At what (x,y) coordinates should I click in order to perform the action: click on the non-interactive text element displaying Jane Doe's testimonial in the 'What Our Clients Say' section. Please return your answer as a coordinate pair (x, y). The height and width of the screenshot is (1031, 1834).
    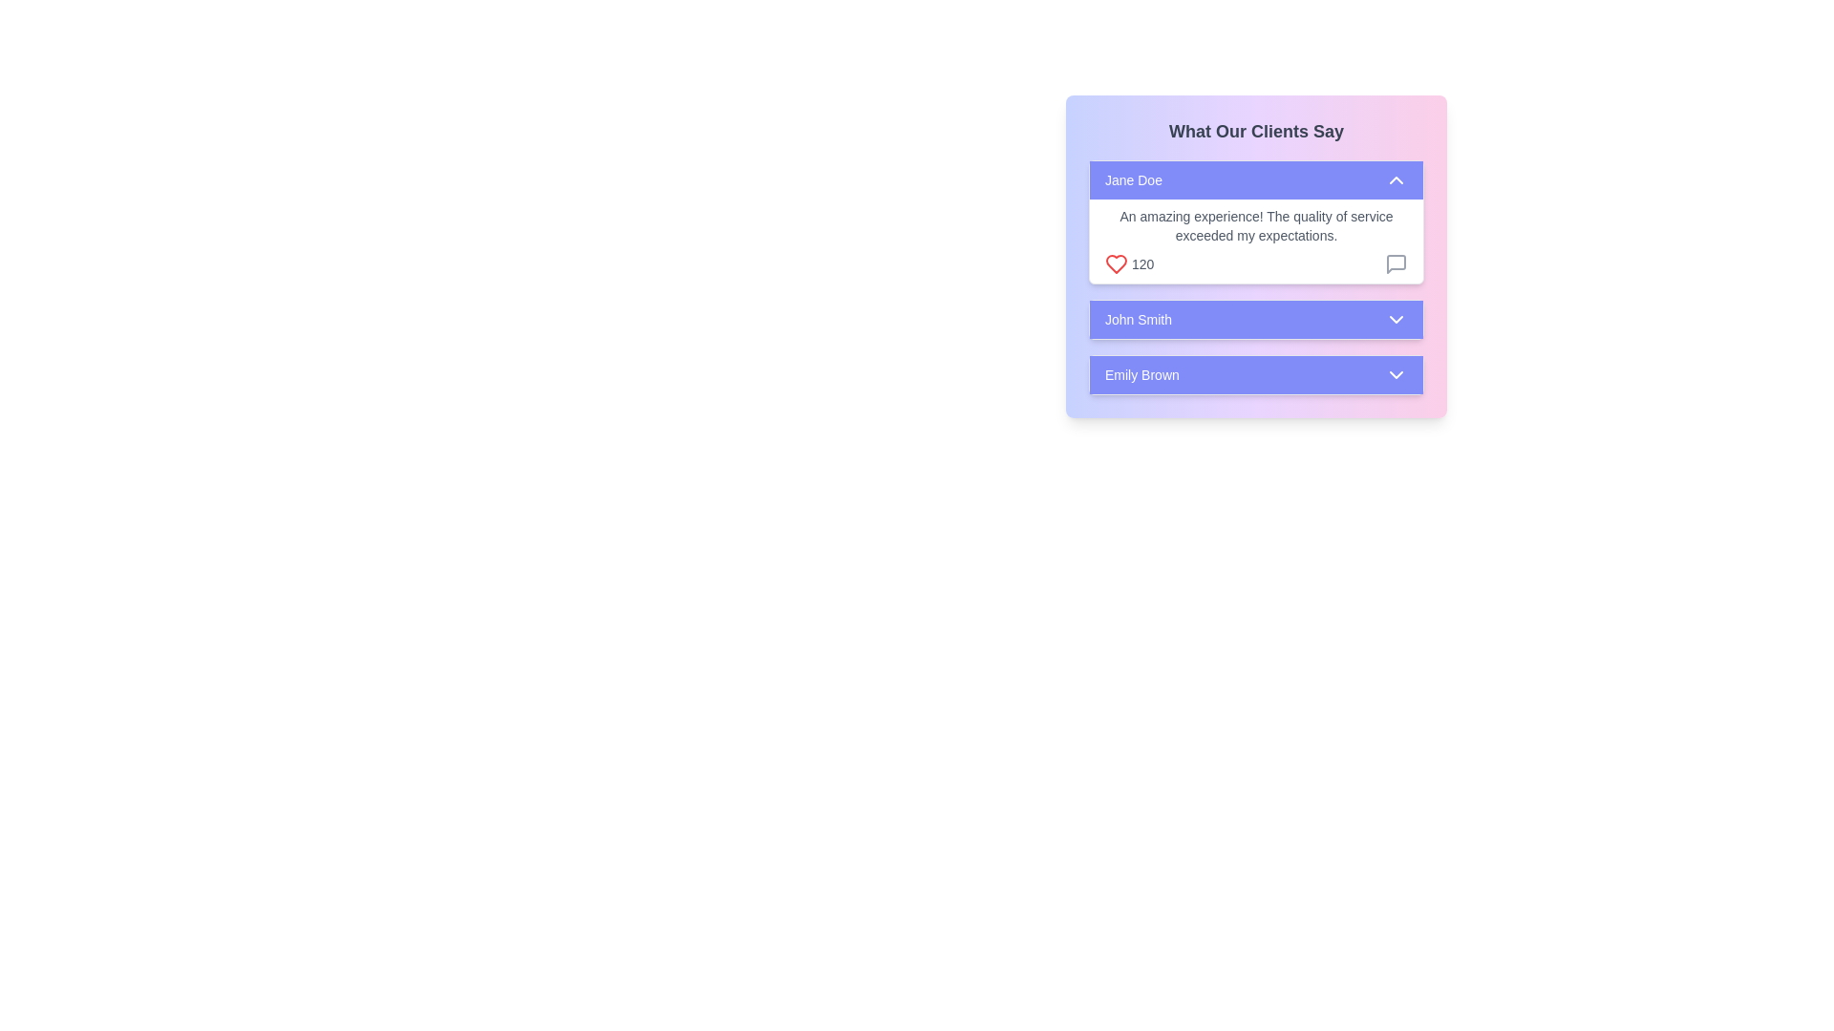
    Looking at the image, I should click on (1256, 224).